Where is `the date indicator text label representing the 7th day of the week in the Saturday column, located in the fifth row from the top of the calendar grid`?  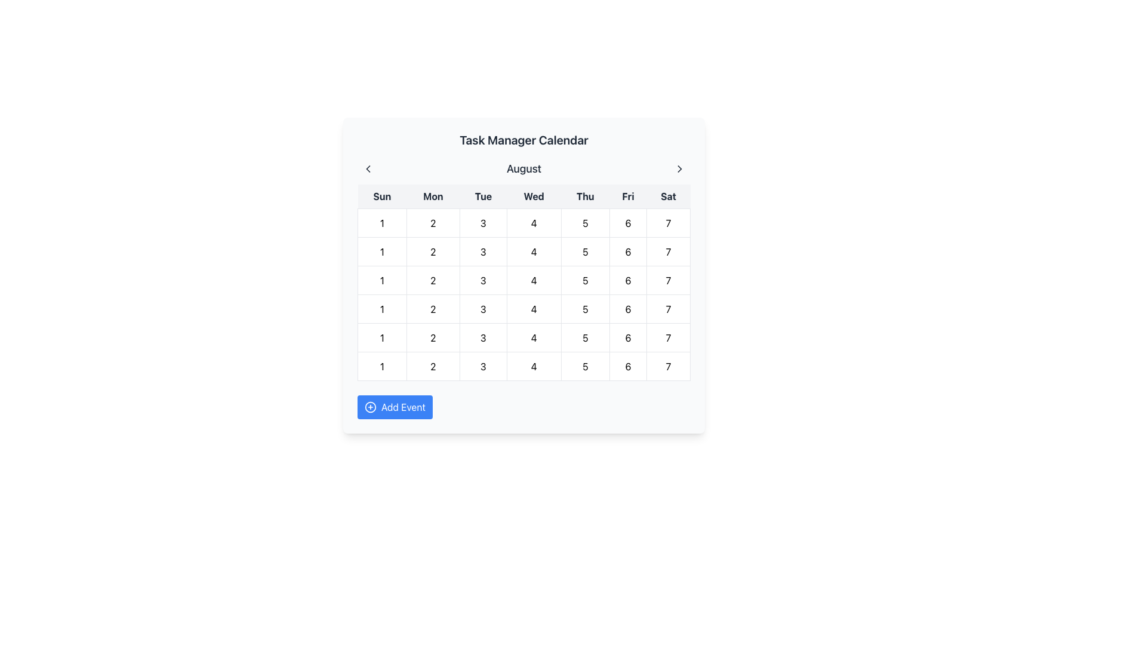 the date indicator text label representing the 7th day of the week in the Saturday column, located in the fifth row from the top of the calendar grid is located at coordinates (668, 337).